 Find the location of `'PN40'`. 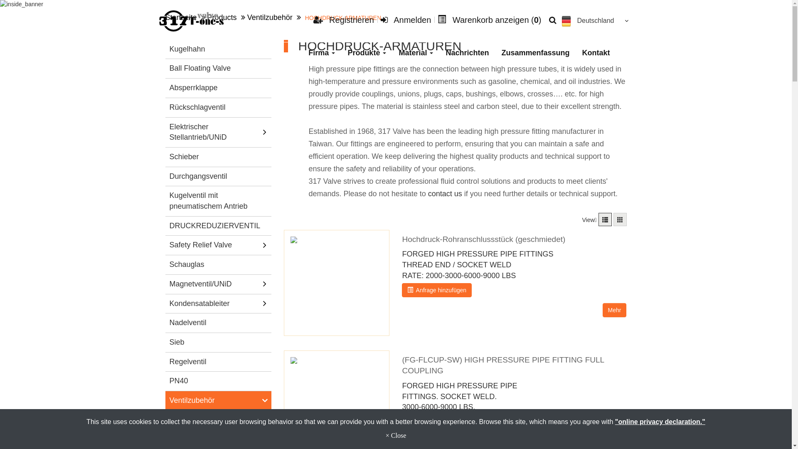

'PN40' is located at coordinates (218, 381).